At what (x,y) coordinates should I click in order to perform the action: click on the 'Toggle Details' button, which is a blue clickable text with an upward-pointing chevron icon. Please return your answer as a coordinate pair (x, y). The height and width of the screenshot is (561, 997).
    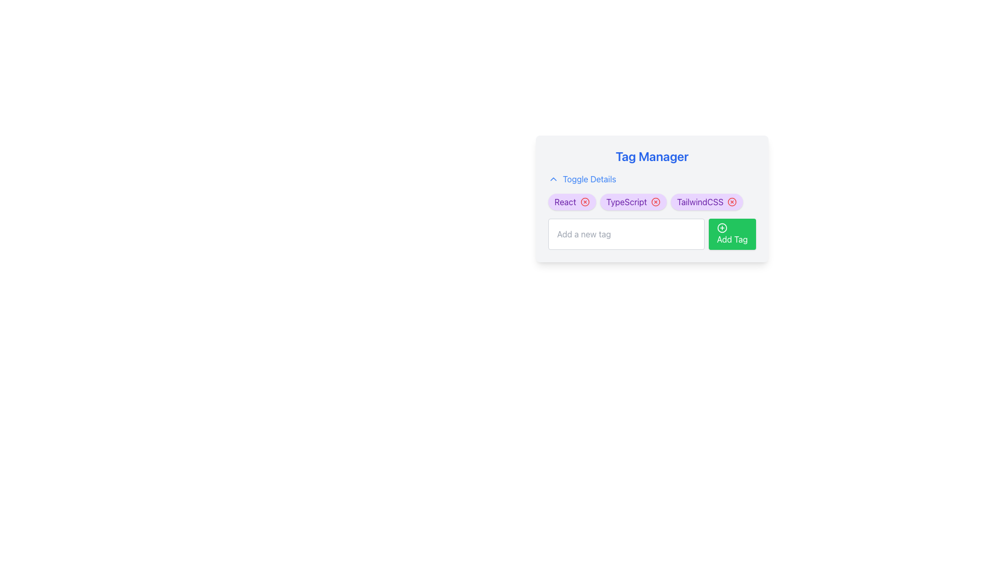
    Looking at the image, I should click on (582, 178).